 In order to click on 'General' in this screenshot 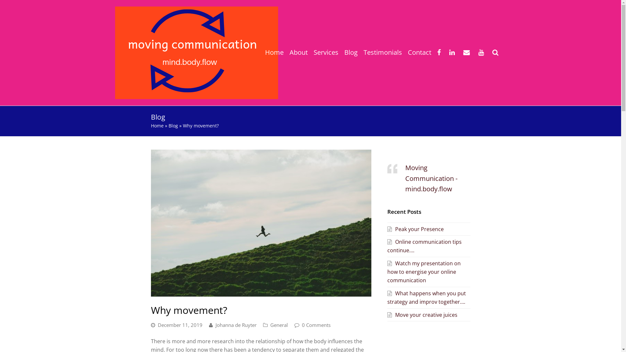, I will do `click(278, 325)`.